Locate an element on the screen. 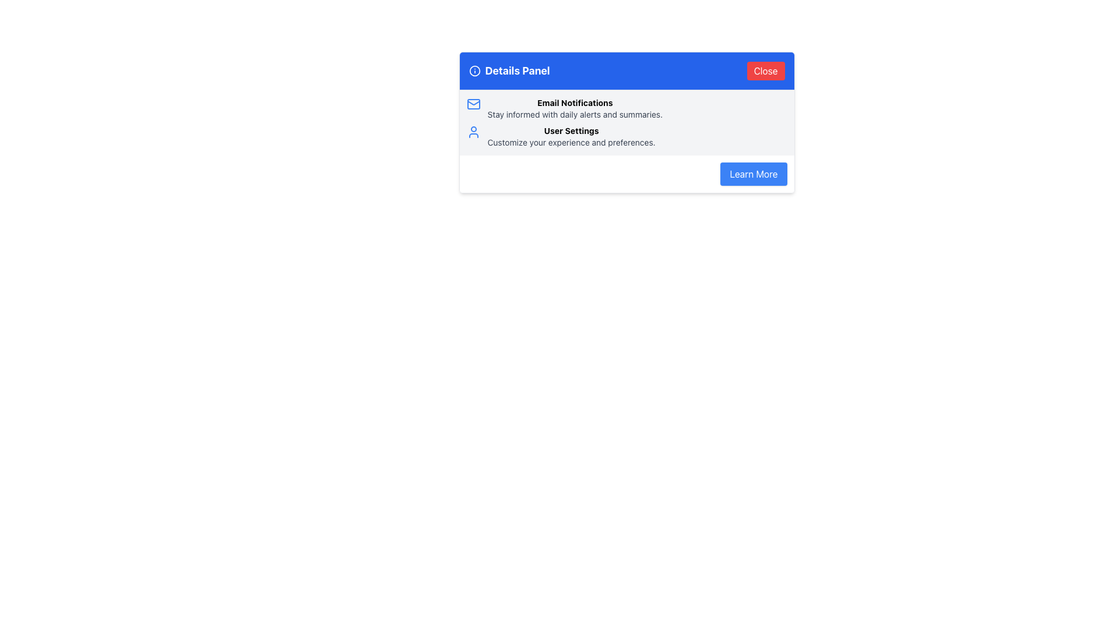 This screenshot has width=1119, height=629. the email notification icon located at the beginning of the 'Email Notifications' row is located at coordinates (473, 103).